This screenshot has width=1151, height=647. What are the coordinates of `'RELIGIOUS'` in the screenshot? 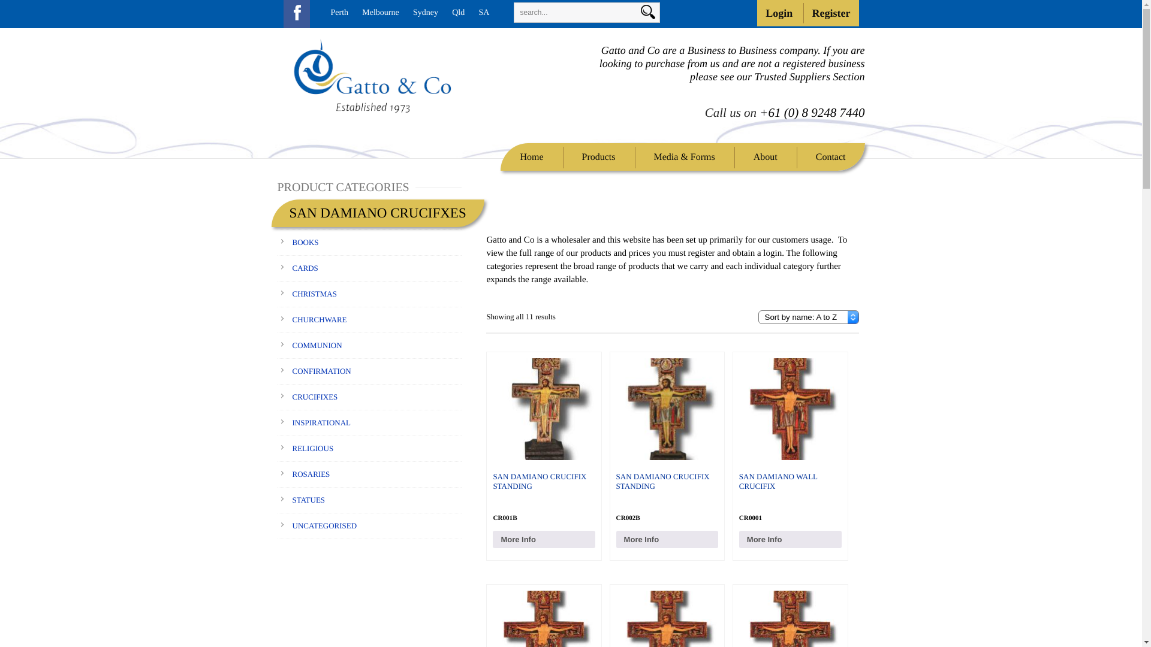 It's located at (313, 448).